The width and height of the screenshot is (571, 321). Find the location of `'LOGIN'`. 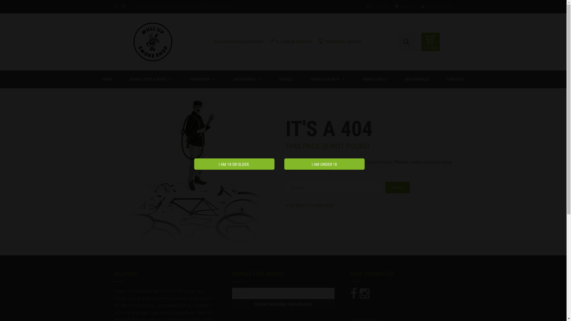

'LOGIN' is located at coordinates (431, 7).